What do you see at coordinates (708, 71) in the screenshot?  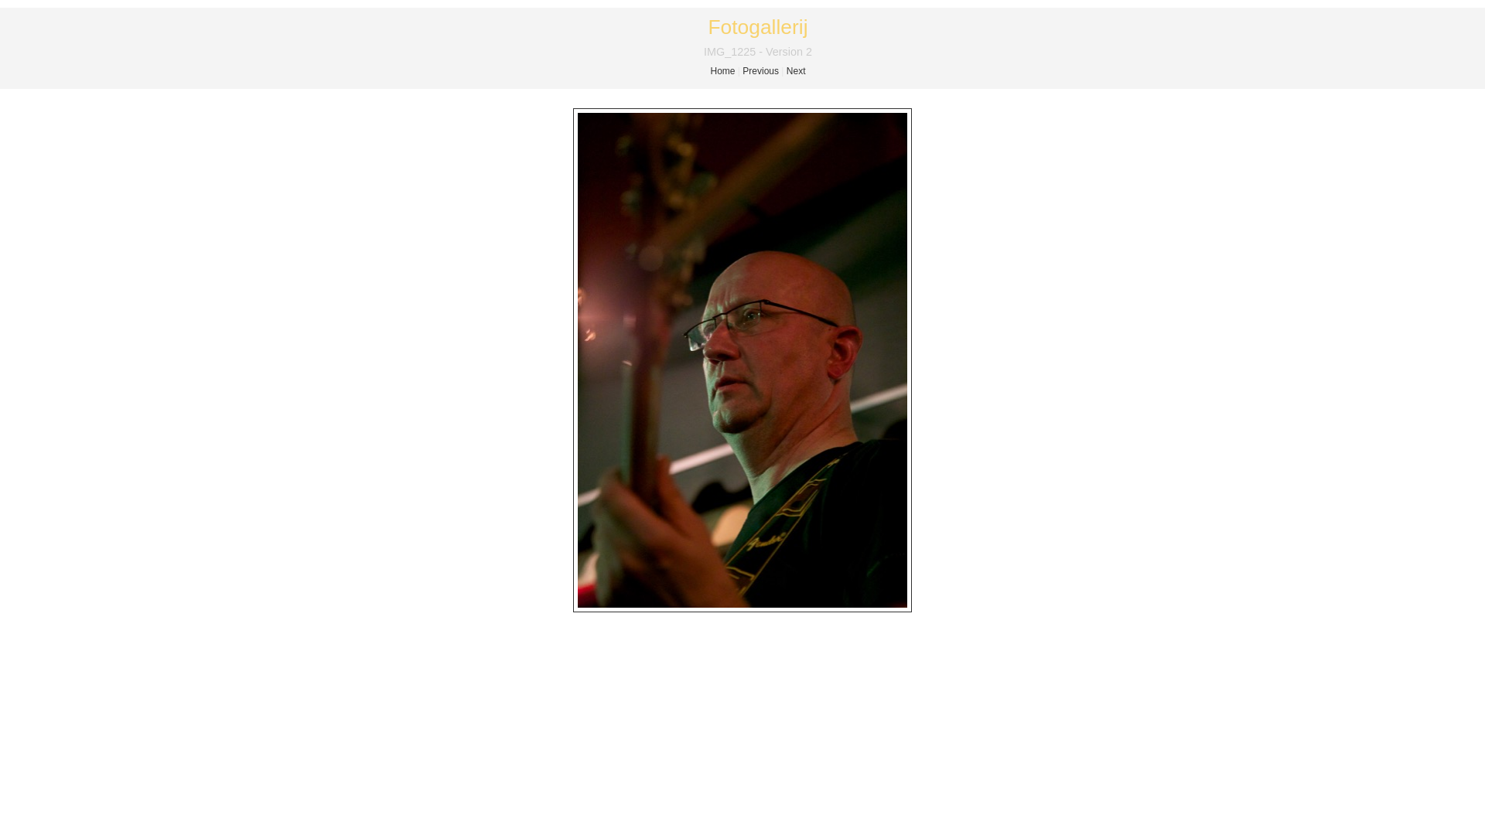 I see `'Home'` at bounding box center [708, 71].